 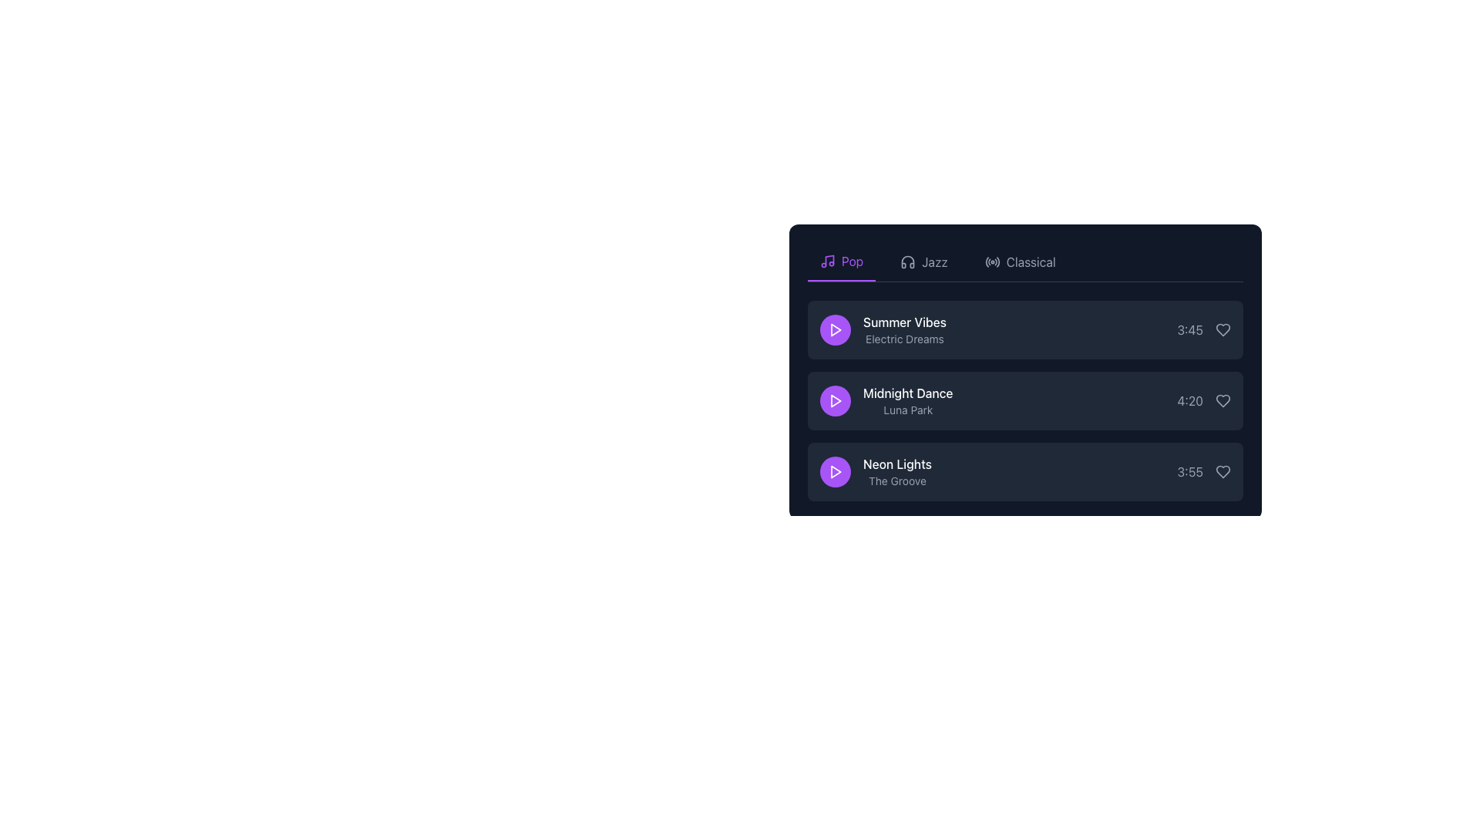 I want to click on the label displaying '3:45', which is styled in light gray font and positioned next to the 'Summer Vibes' title on a dark background, so click(x=1189, y=329).